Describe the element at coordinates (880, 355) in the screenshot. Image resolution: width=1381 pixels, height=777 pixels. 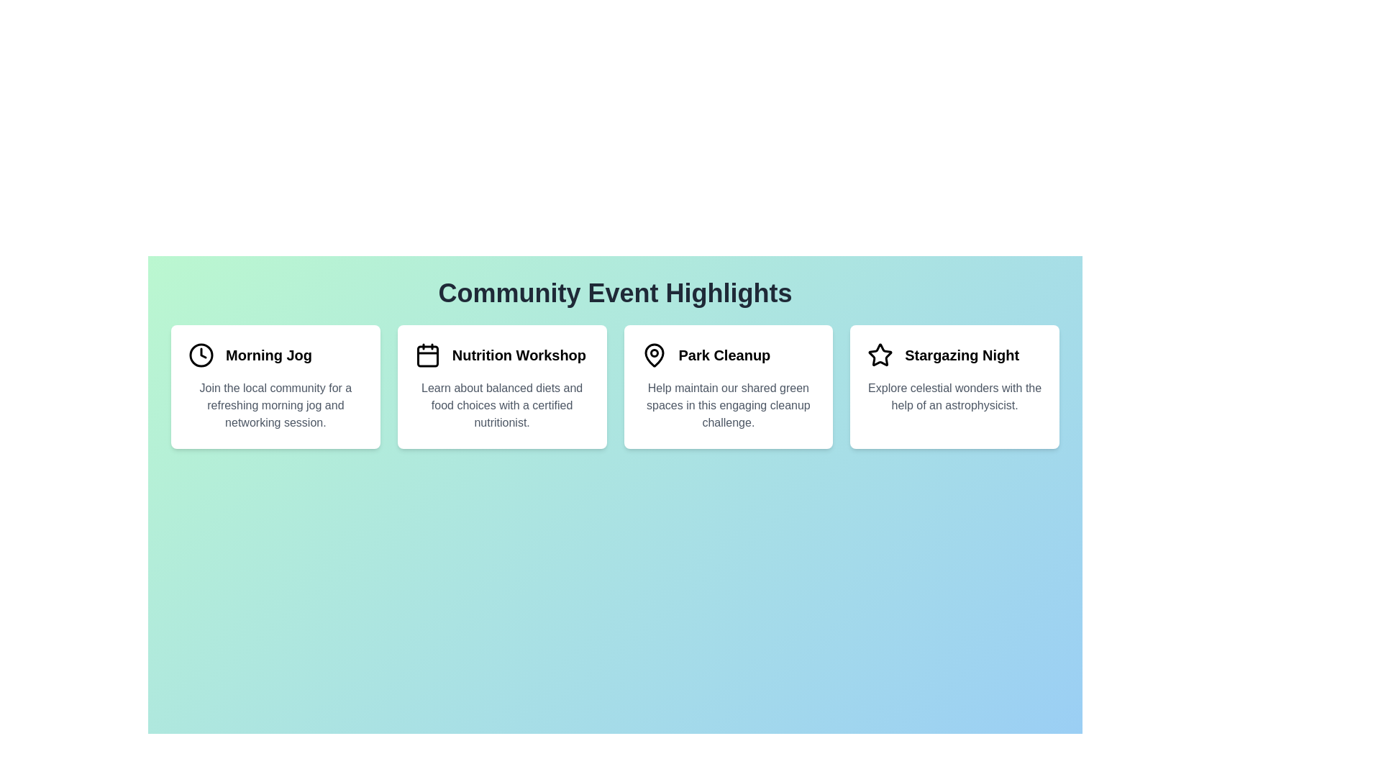
I see `the decorative icon representing 'Stargazing Night' located in the bottom right corner of the fourth card adjacent to the text heading` at that location.